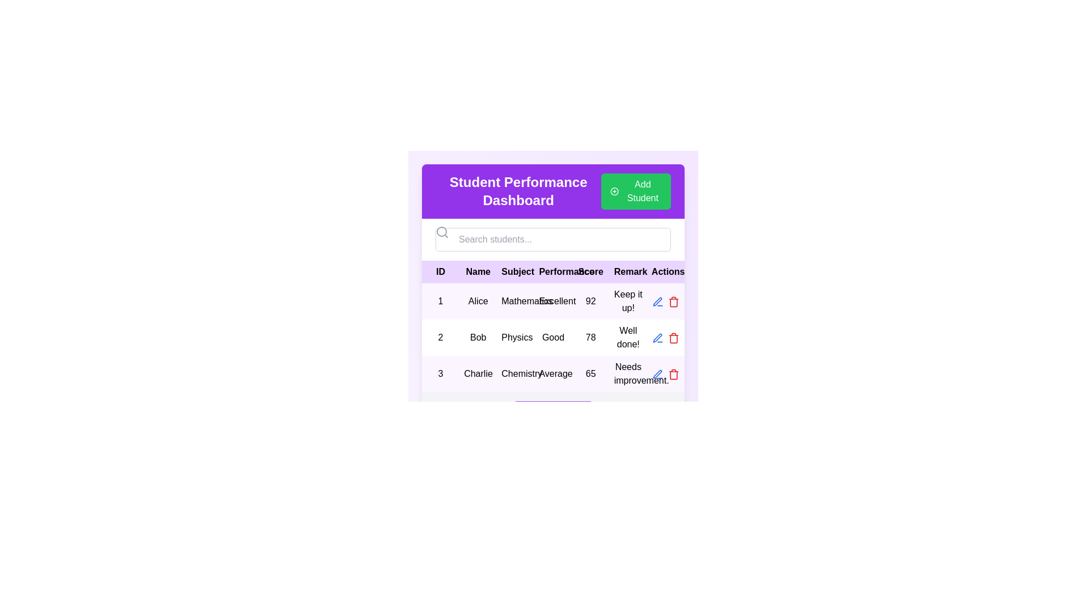  What do you see at coordinates (673, 375) in the screenshot?
I see `the trash icon in the Actions column for the entry corresponding to the student named 'Charlie'` at bounding box center [673, 375].